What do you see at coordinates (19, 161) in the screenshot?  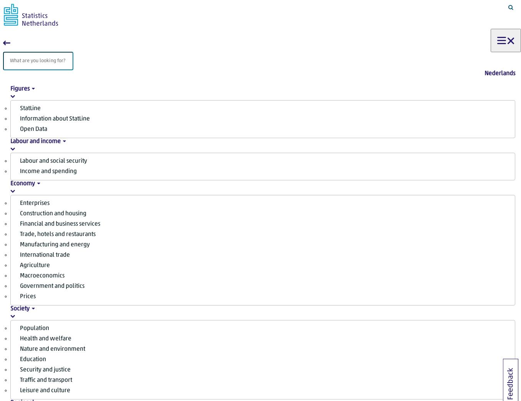 I see `'Labour and social security'` at bounding box center [19, 161].